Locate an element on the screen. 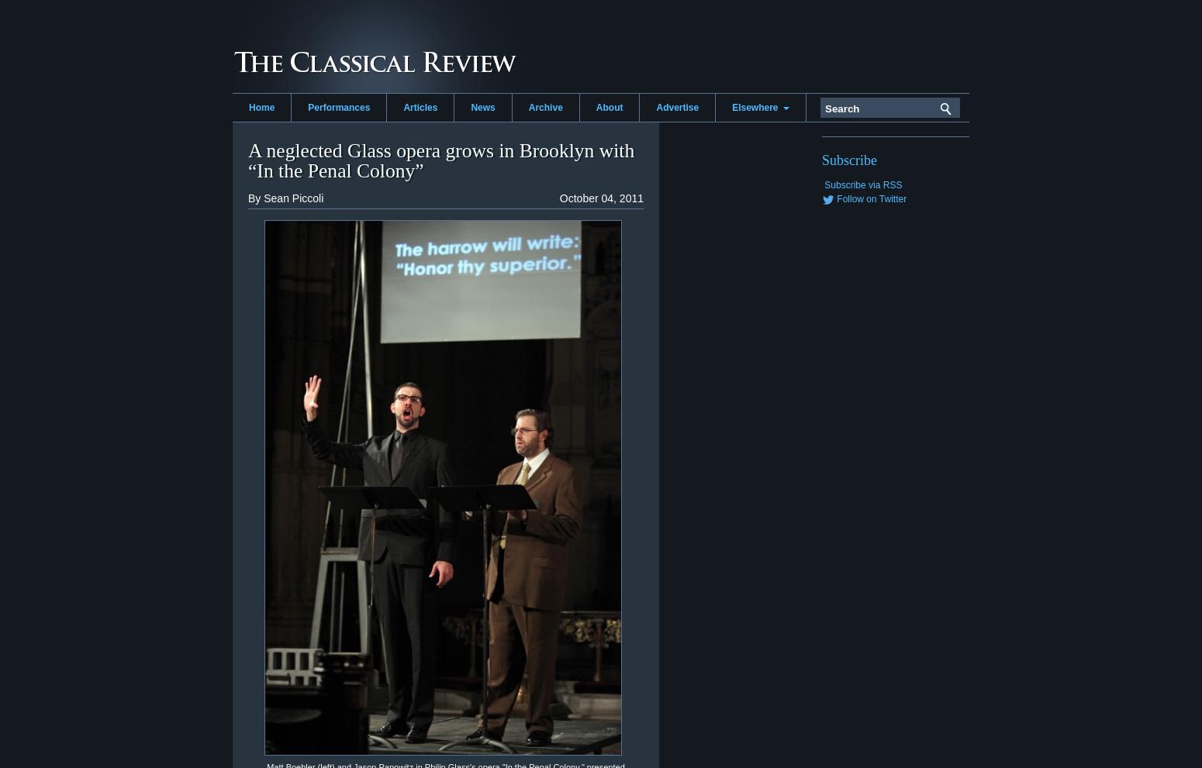 This screenshot has width=1202, height=768. 'Washington Classical Review' is located at coordinates (791, 280).